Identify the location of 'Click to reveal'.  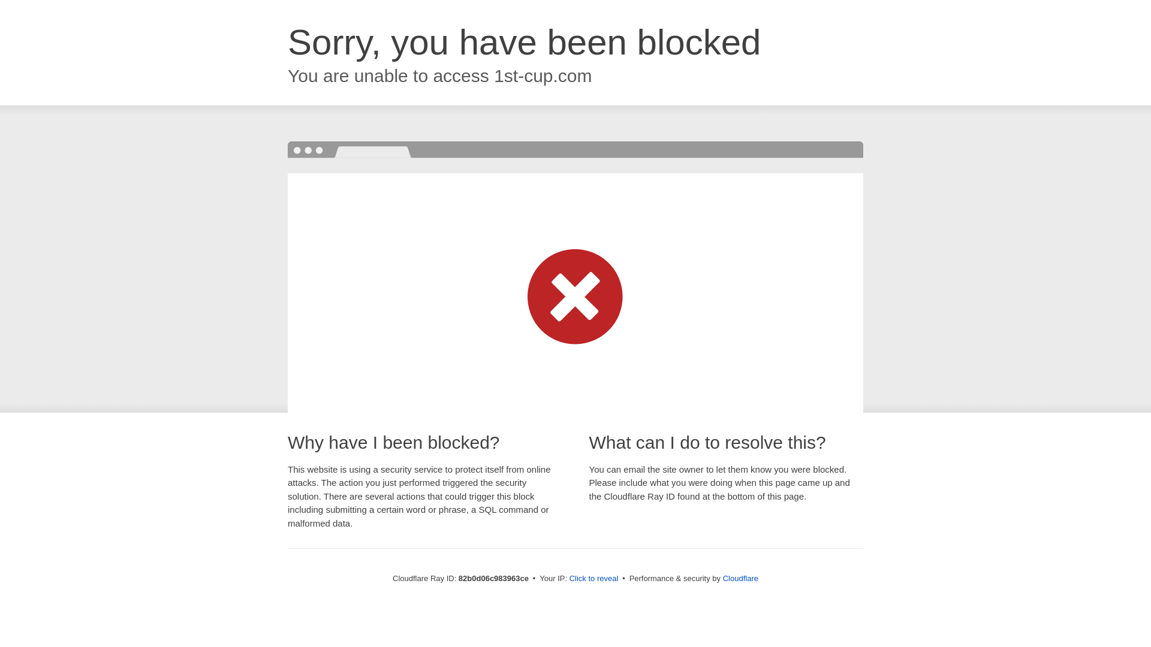
(593, 578).